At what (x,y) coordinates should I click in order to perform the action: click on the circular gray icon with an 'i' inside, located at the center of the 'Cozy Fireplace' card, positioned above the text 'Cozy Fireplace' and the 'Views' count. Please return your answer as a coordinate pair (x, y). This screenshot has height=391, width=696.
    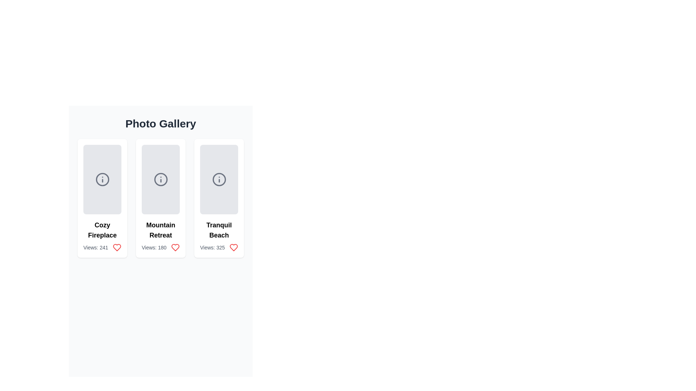
    Looking at the image, I should click on (102, 179).